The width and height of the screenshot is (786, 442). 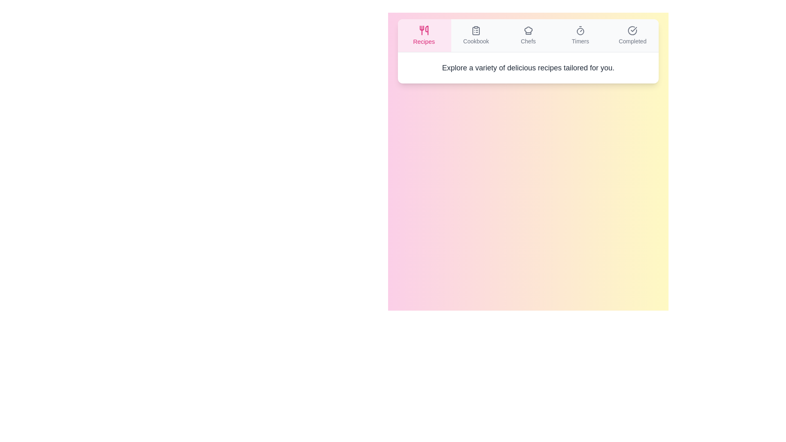 I want to click on the tab labeled Chefs to view its associated content, so click(x=528, y=35).